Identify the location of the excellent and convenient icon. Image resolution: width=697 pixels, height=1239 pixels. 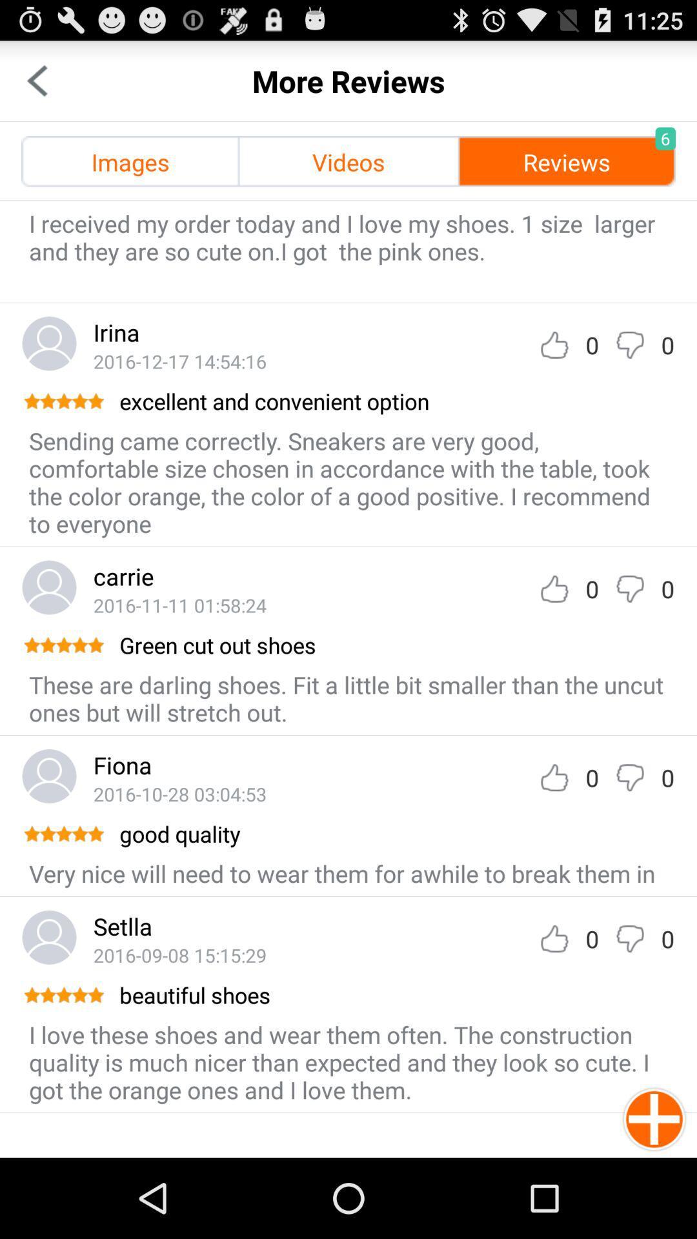
(395, 400).